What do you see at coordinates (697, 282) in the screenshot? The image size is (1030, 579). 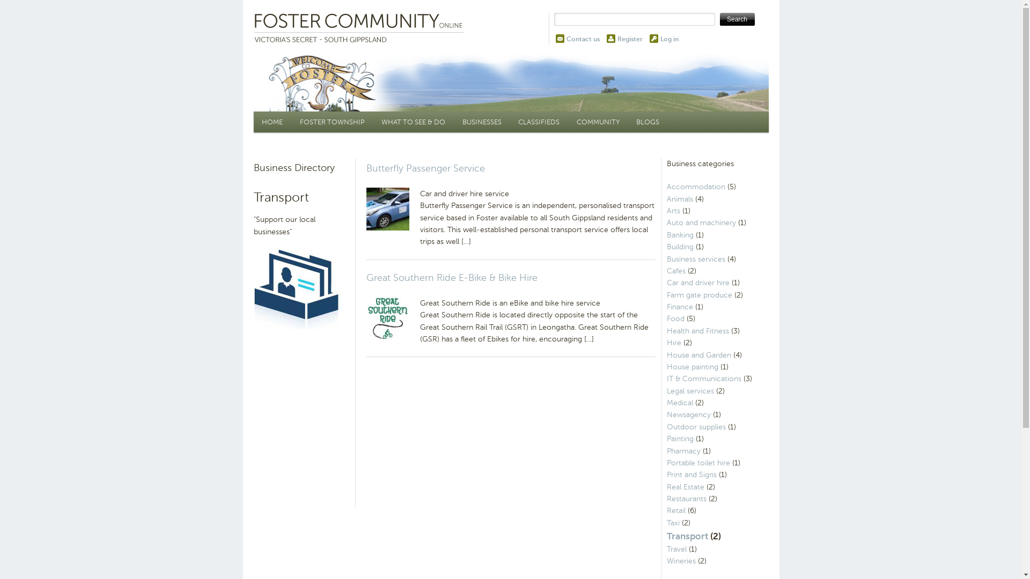 I see `'Car and driver hire'` at bounding box center [697, 282].